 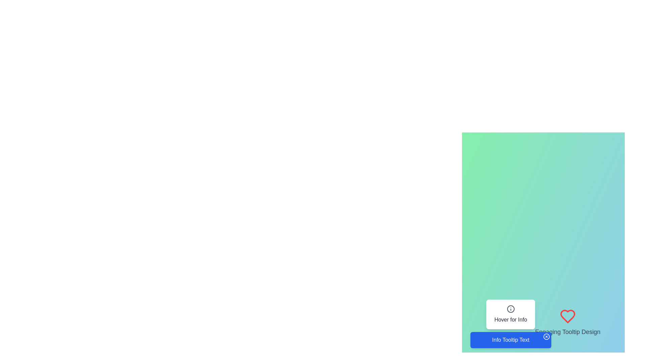 I want to click on the circular outline element of the SVG icon that is part of an interactive tooltip above the 'Info Tooltip Text' button, so click(x=511, y=309).